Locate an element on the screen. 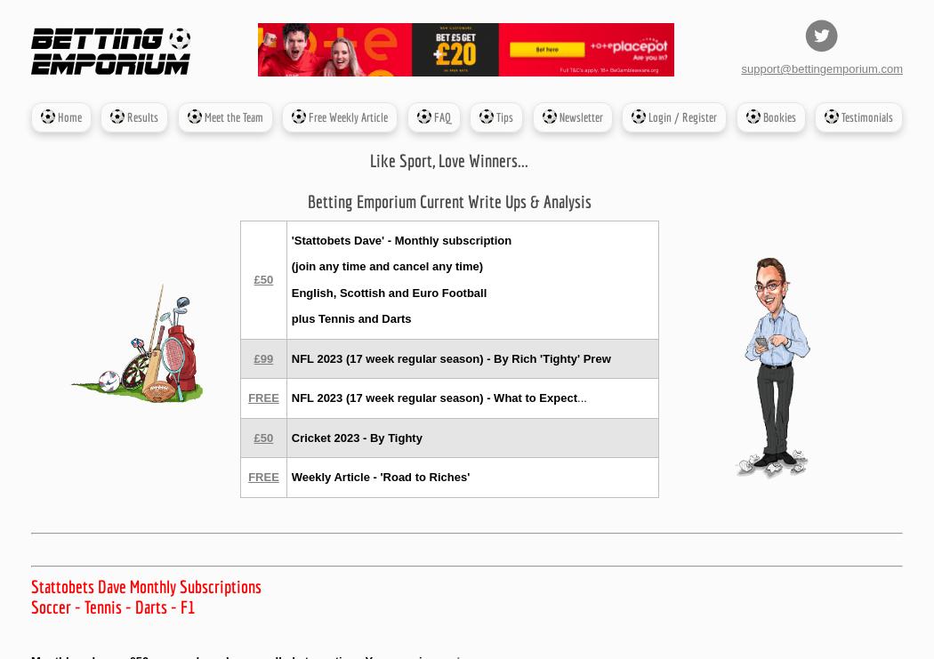 The height and width of the screenshot is (659, 934). 'Stattobets Dave Monthly Subscriptions' is located at coordinates (30, 586).